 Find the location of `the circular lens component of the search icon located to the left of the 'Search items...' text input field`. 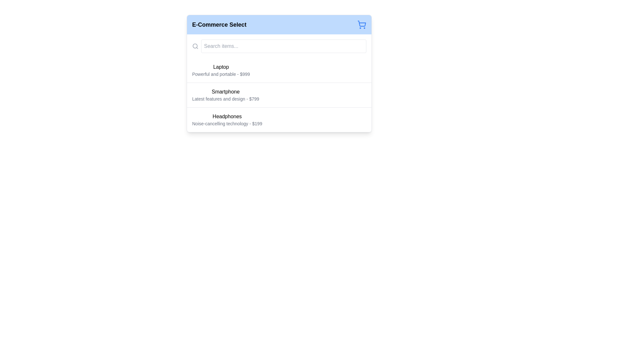

the circular lens component of the search icon located to the left of the 'Search items...' text input field is located at coordinates (195, 46).